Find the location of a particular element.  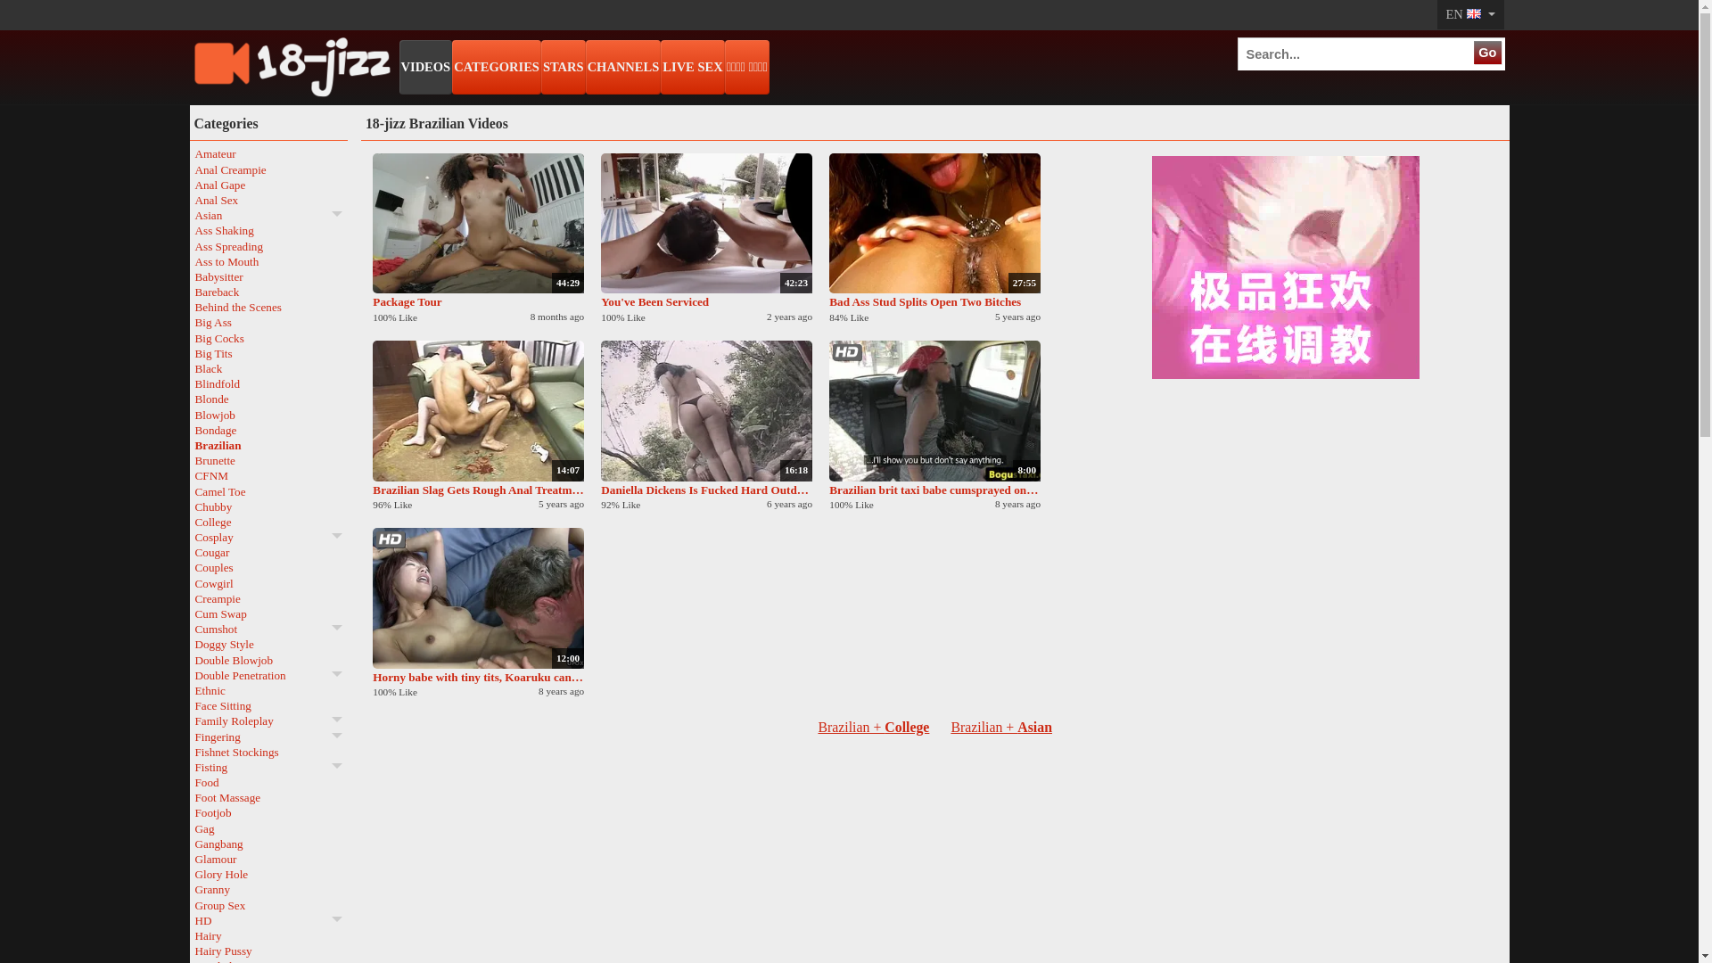

'Go' is located at coordinates (1487, 51).